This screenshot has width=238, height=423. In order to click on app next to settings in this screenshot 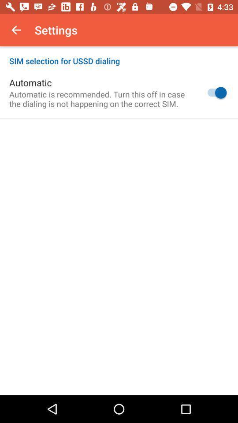, I will do `click(16, 30)`.